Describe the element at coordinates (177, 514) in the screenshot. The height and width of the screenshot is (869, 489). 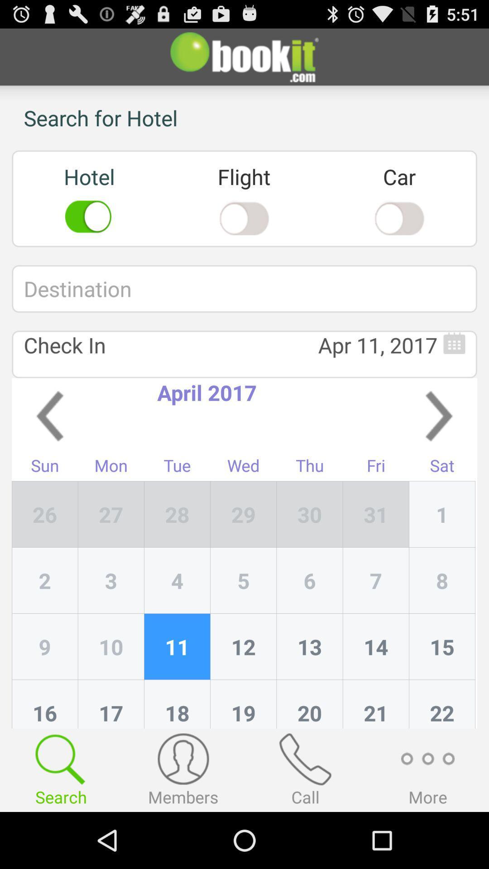
I see `the icon above the 3 item` at that location.